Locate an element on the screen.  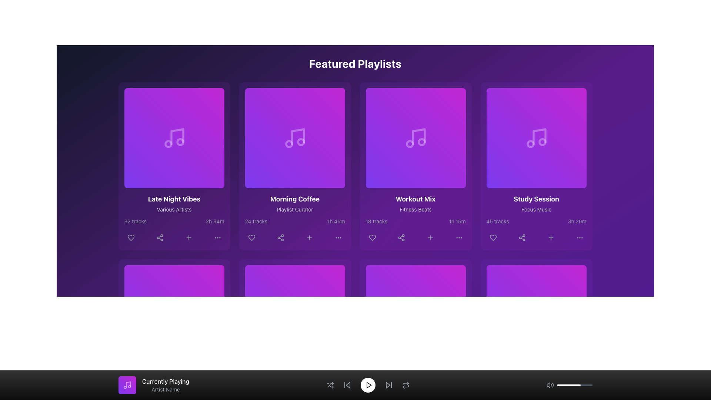
the play button located at the center of the bottom navigation bar to initiate or resume playback of media content is located at coordinates (416, 315).